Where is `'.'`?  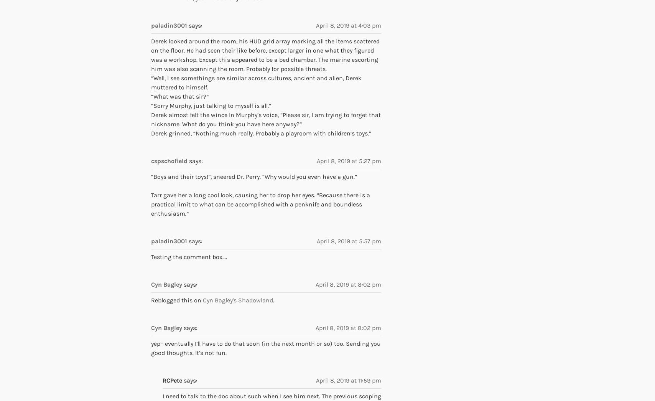 '.' is located at coordinates (273, 300).